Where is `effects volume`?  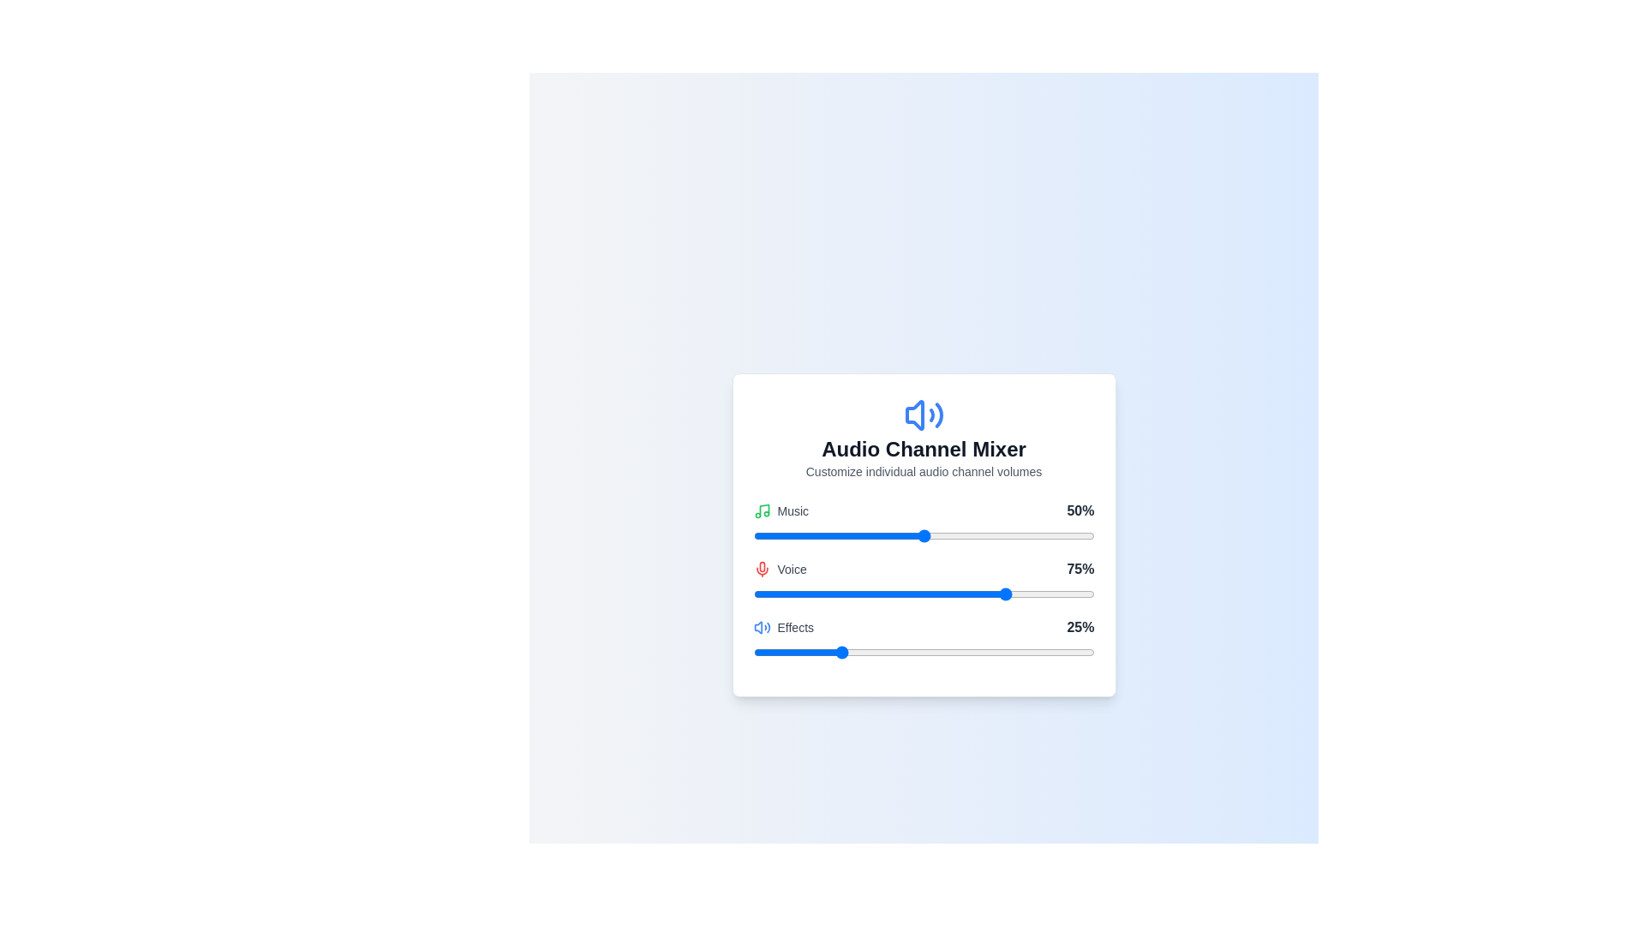
effects volume is located at coordinates (912, 653).